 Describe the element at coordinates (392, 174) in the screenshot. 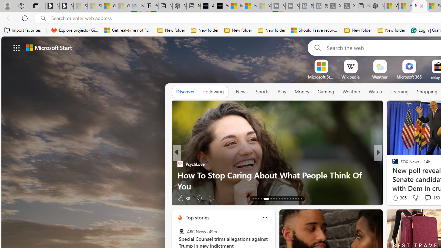

I see `'Tom'` at that location.